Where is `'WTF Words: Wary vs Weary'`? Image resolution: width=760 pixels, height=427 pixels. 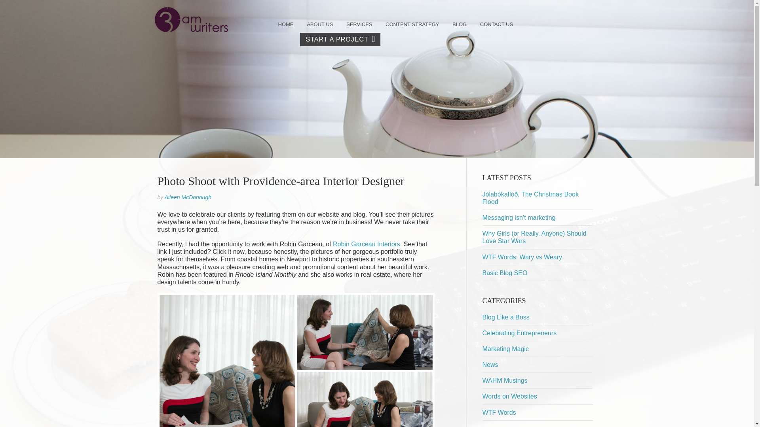 'WTF Words: Wary vs Weary' is located at coordinates (522, 257).